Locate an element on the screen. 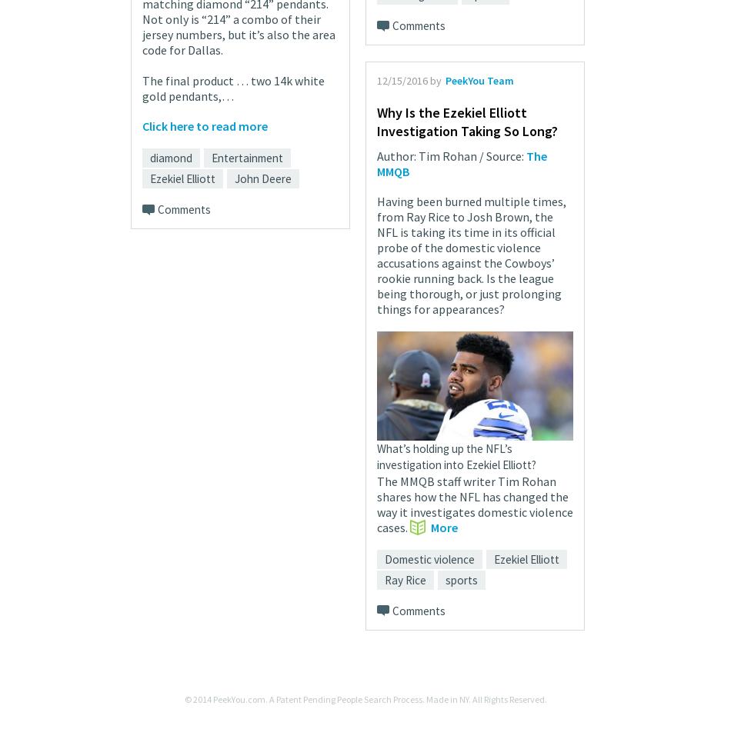 Image resolution: width=731 pixels, height=729 pixels. 'Click here to read more' is located at coordinates (204, 124).